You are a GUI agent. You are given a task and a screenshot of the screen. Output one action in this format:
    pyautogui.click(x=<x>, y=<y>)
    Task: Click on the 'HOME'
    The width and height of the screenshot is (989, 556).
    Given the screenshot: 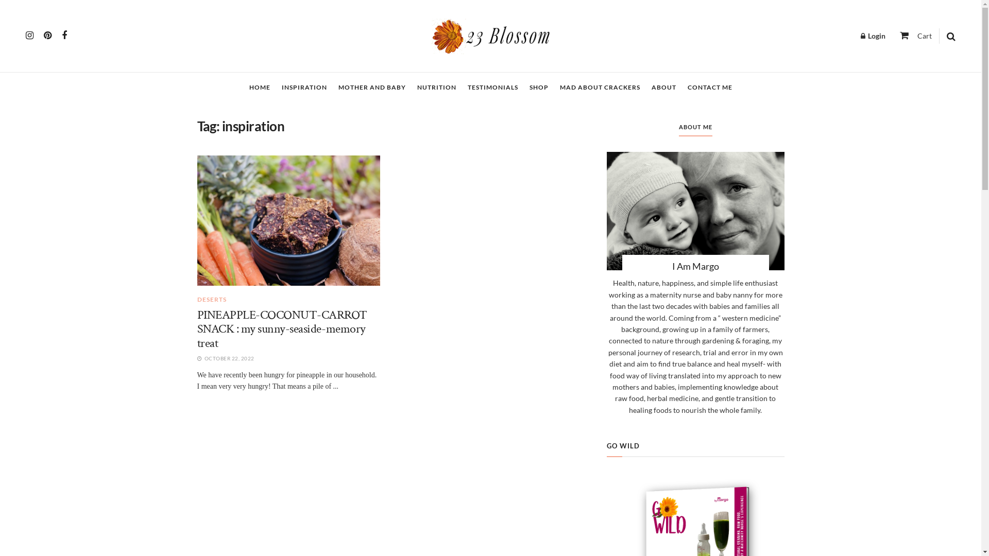 What is the action you would take?
    pyautogui.click(x=260, y=86)
    